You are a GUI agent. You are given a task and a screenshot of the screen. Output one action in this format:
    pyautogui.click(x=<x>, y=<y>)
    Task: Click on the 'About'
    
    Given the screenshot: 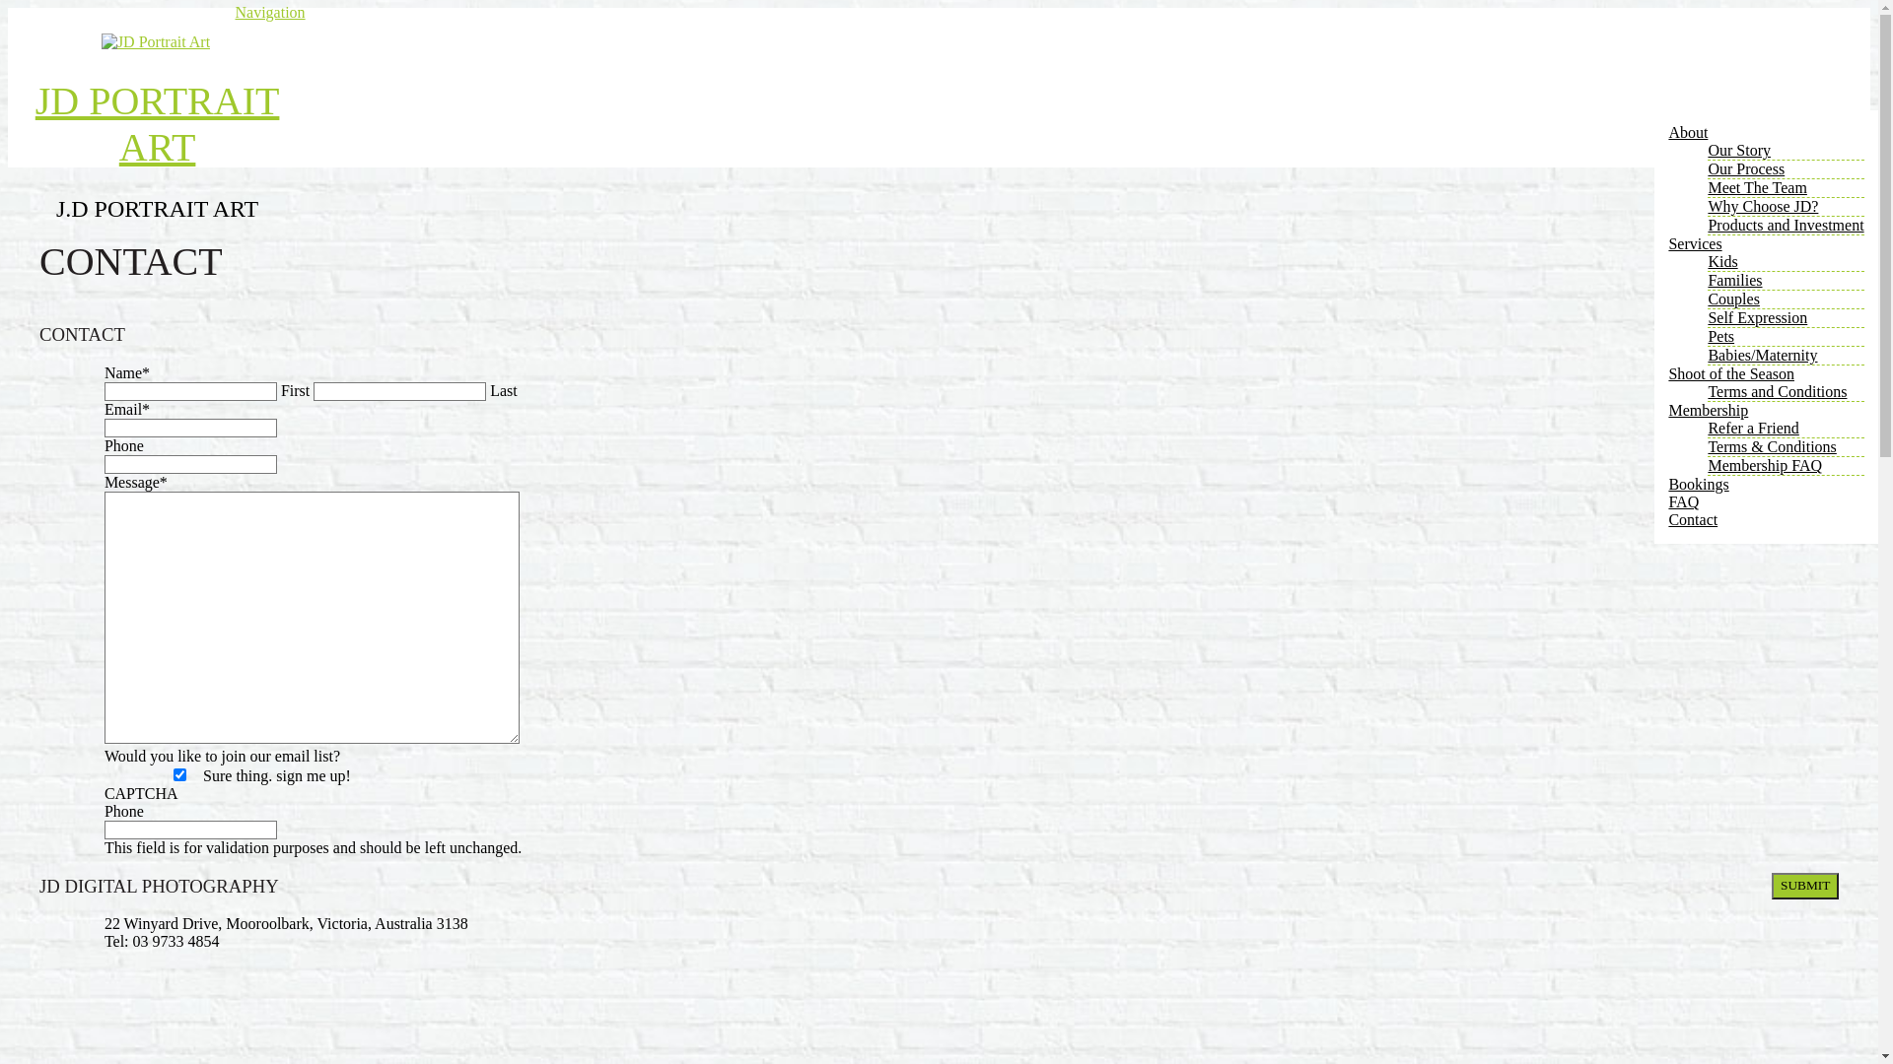 What is the action you would take?
    pyautogui.click(x=1666, y=132)
    